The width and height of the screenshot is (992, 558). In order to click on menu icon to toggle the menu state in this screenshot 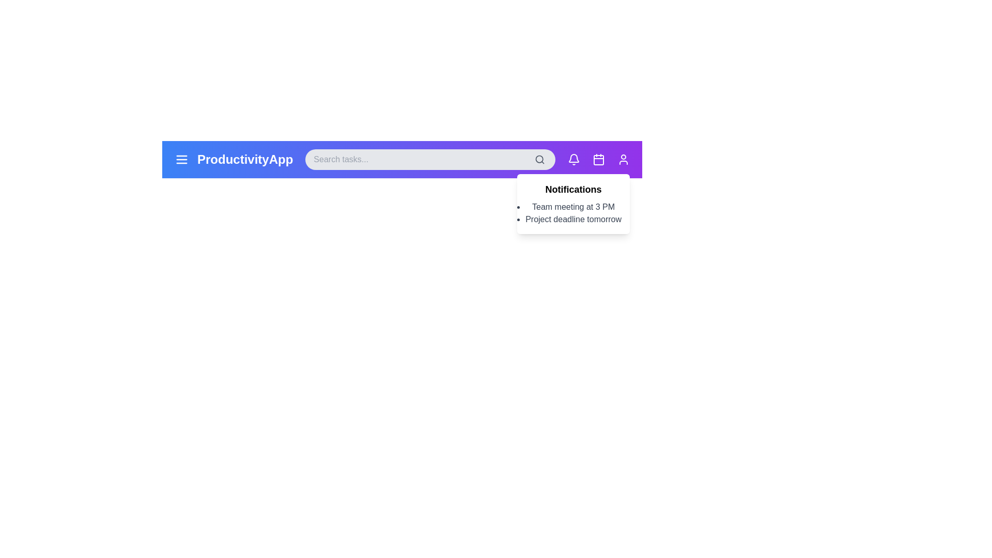, I will do `click(181, 159)`.